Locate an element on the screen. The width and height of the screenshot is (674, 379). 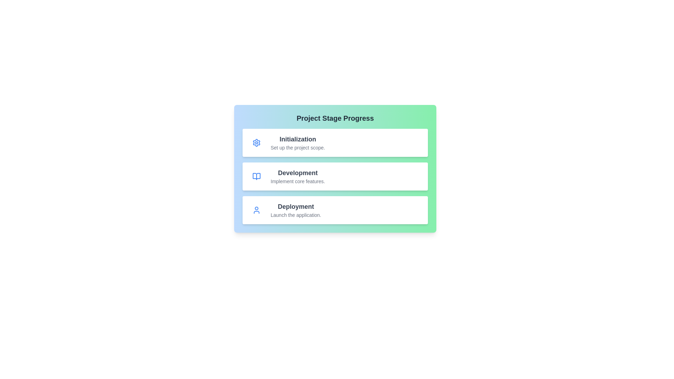
the text label displaying 'Initialization', styled in large bold dark gray font, located at the top of the first card layout, aligned with a gear icon to its left is located at coordinates (298, 139).